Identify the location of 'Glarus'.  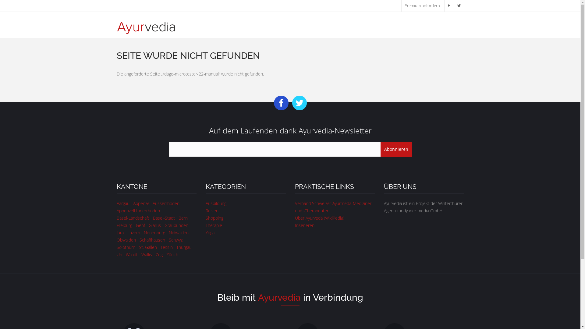
(155, 225).